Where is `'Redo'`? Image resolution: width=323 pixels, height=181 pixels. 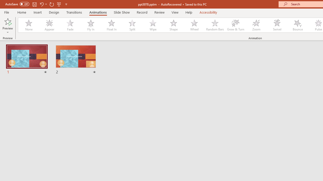 'Redo' is located at coordinates (51, 4).